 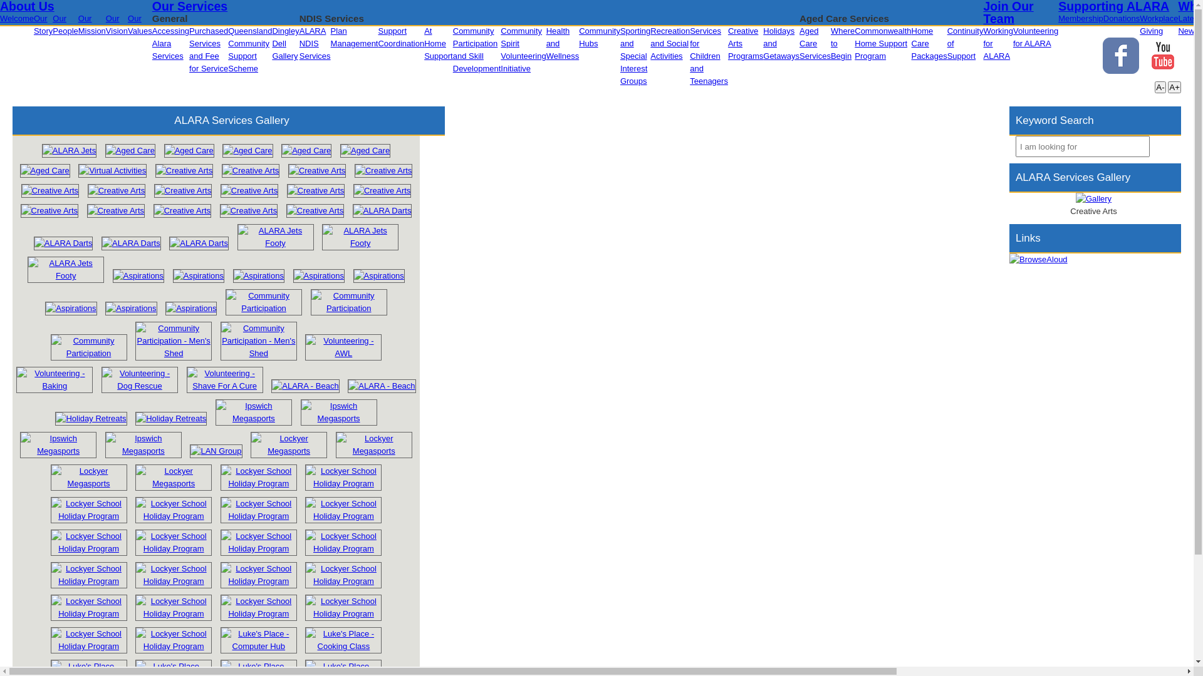 What do you see at coordinates (635, 55) in the screenshot?
I see `'Sporting and Special Interest Groups'` at bounding box center [635, 55].